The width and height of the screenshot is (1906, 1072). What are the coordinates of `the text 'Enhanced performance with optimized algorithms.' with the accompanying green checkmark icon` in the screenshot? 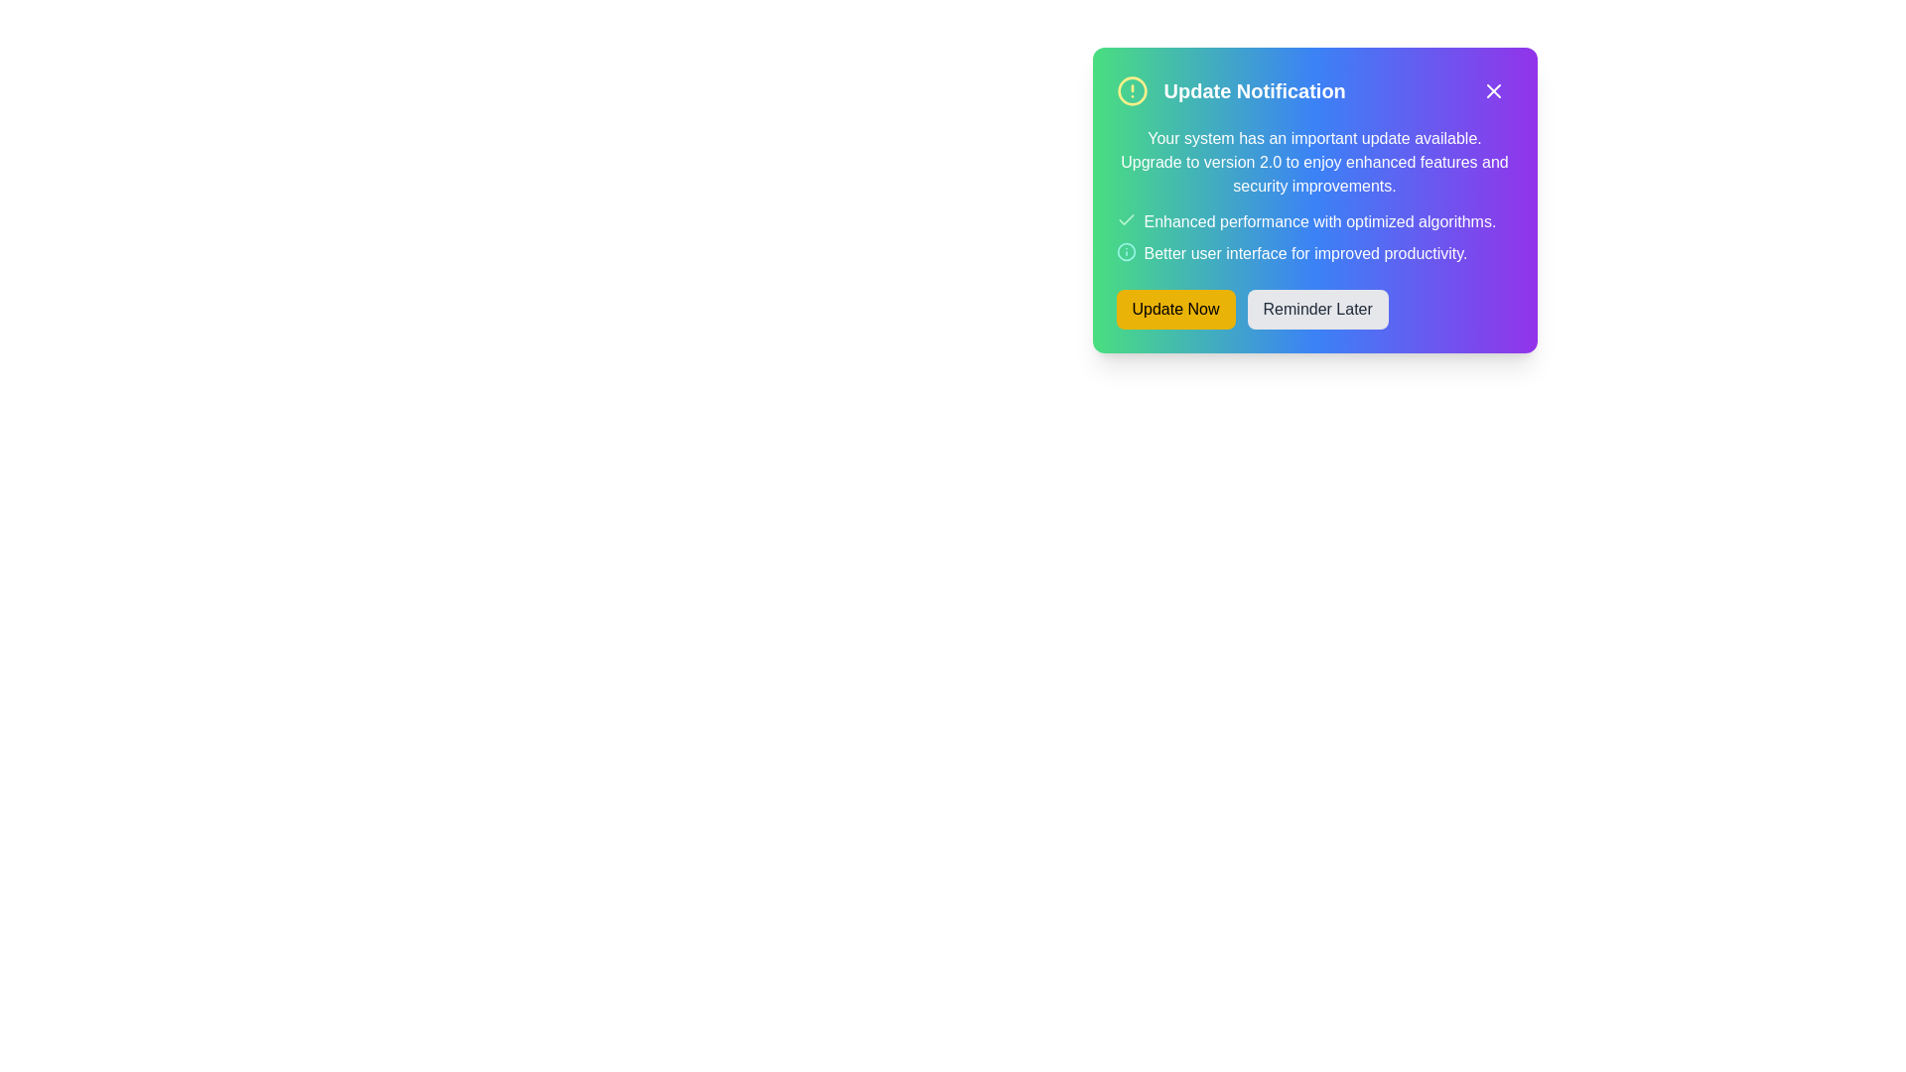 It's located at (1314, 221).